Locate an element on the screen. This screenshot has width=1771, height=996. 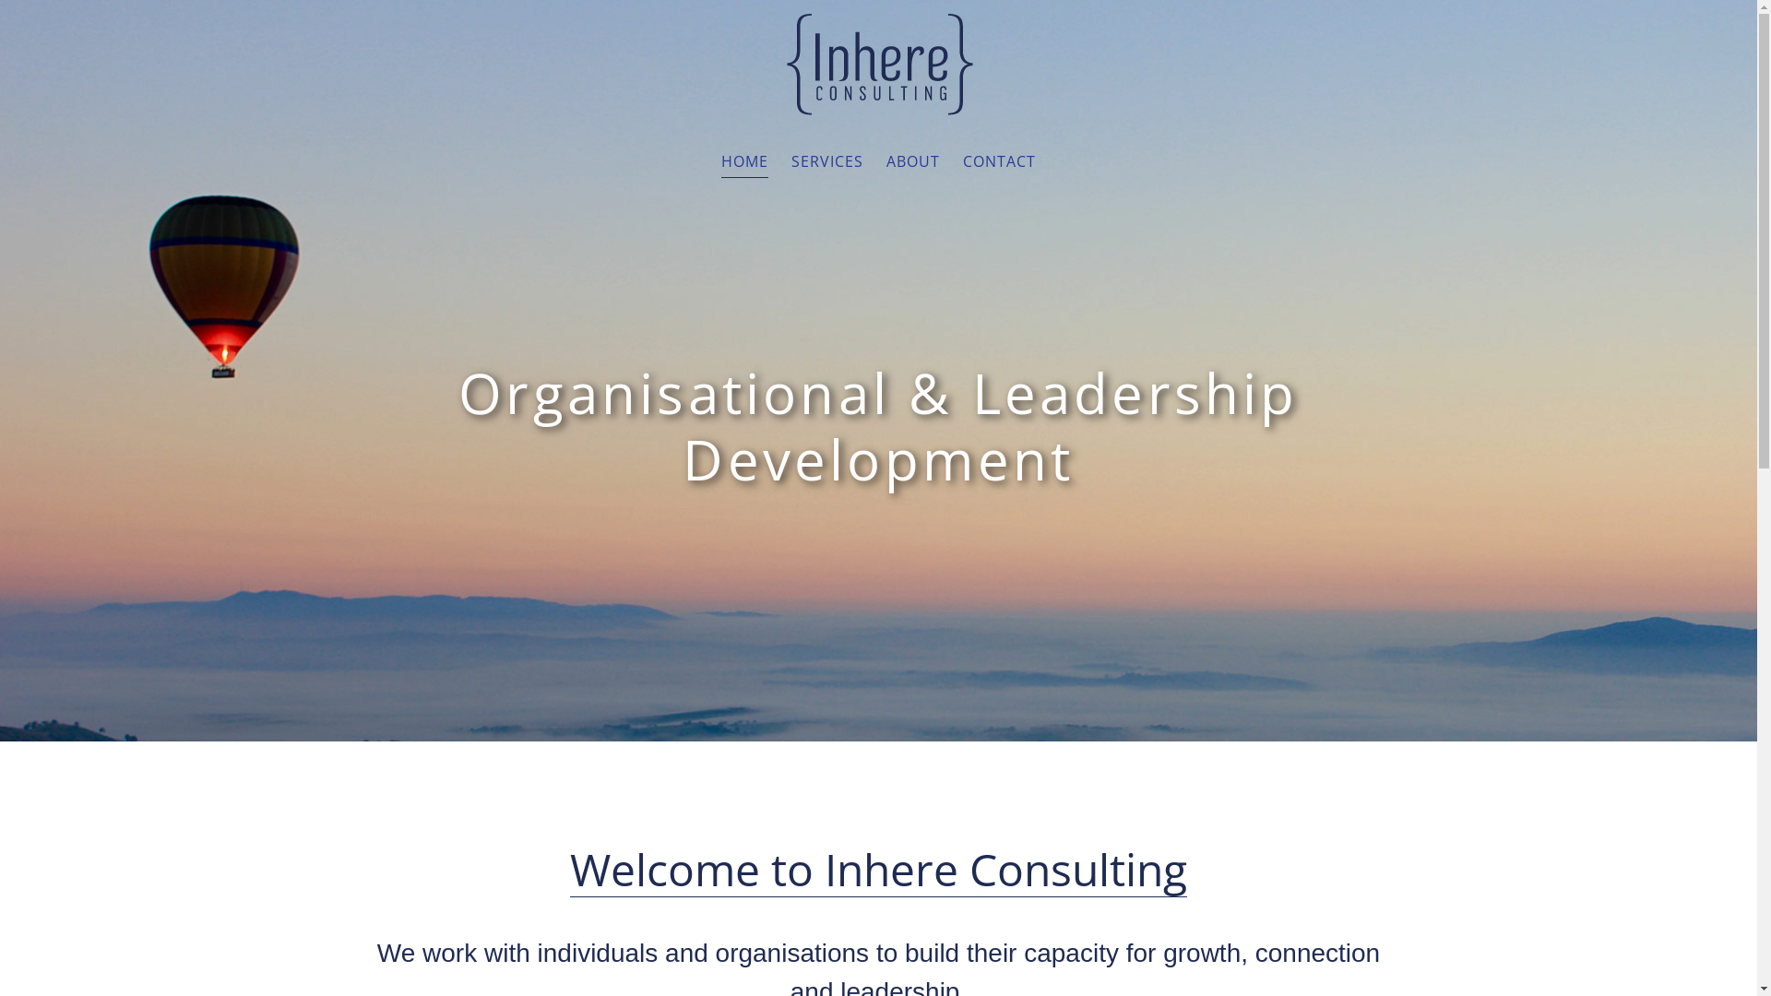
'INHERE CONSULTING' is located at coordinates (878, 63).